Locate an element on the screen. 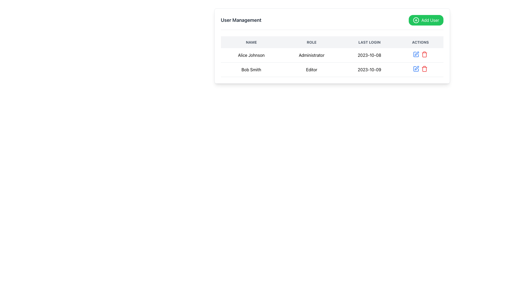 The width and height of the screenshot is (505, 284). the text label displaying the name of an entity in the first row of the data table under the 'NAME' column is located at coordinates (251, 55).